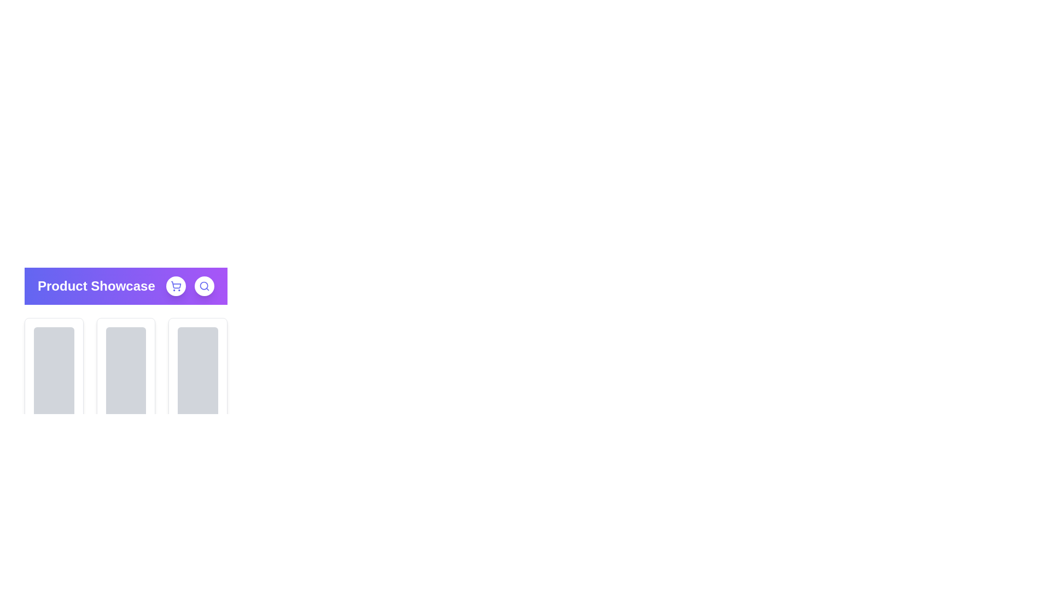  What do you see at coordinates (205, 286) in the screenshot?
I see `the magnifying glass icon, which is the rightmost icon in the toolbar below 'Product Showcase'` at bounding box center [205, 286].